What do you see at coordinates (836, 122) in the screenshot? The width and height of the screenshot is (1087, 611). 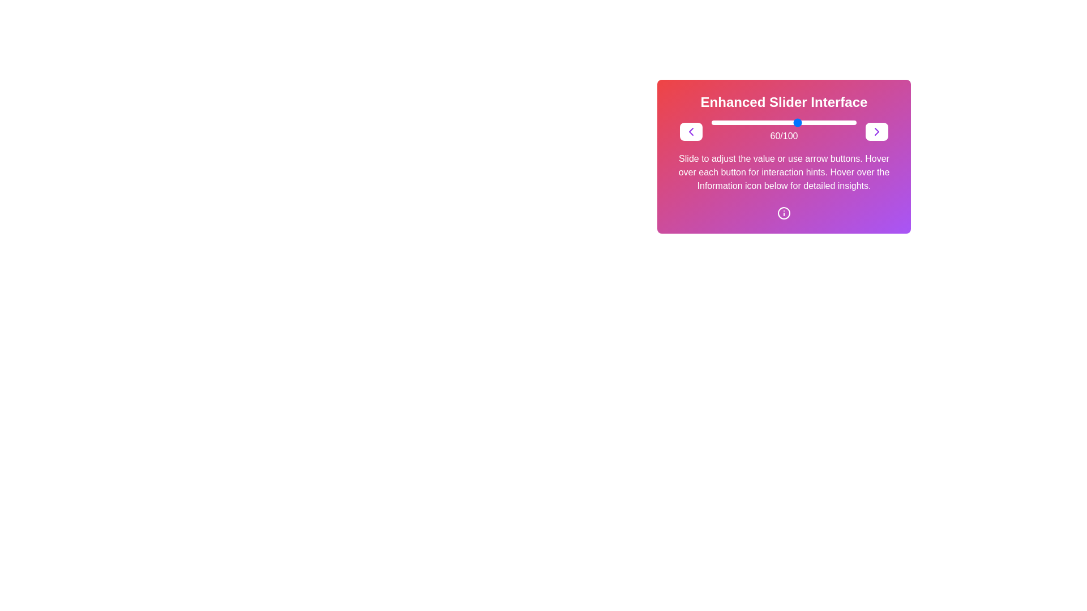 I see `the slider` at bounding box center [836, 122].